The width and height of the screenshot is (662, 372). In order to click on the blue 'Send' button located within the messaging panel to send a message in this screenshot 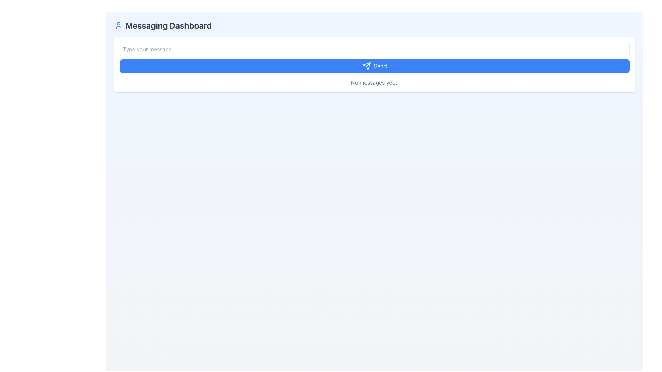, I will do `click(374, 57)`.